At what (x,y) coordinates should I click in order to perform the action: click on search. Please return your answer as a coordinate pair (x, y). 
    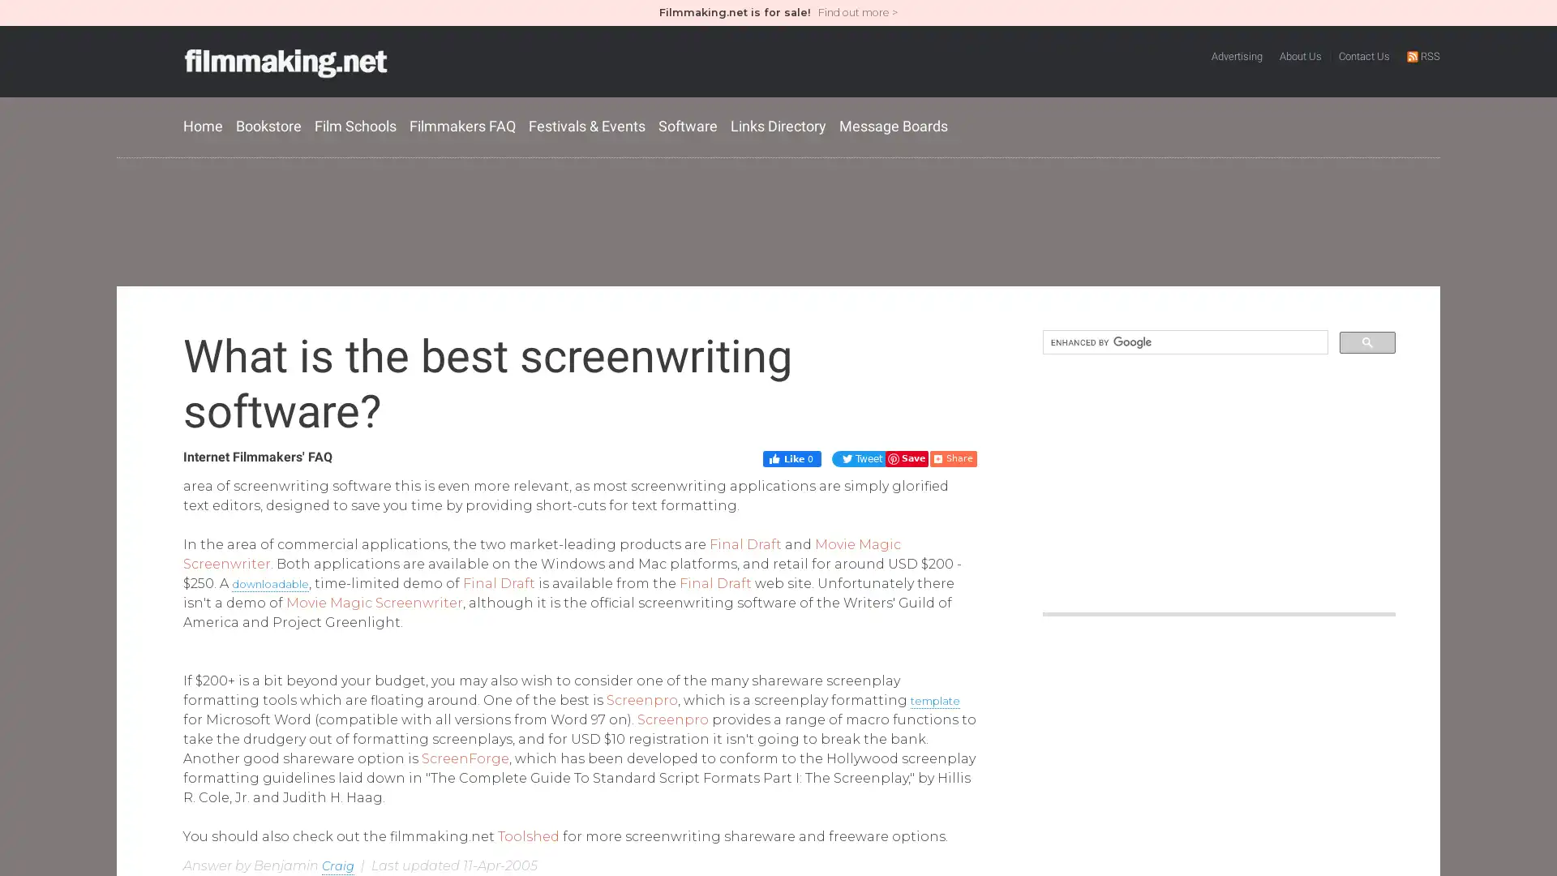
    Looking at the image, I should click on (1366, 341).